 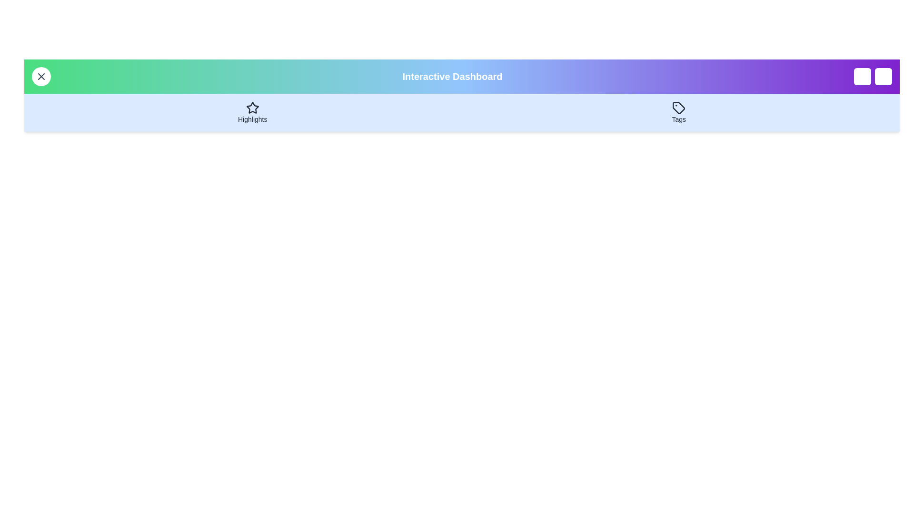 What do you see at coordinates (252, 112) in the screenshot?
I see `the 'Highlights' button to navigate to the 'Highlights' section` at bounding box center [252, 112].